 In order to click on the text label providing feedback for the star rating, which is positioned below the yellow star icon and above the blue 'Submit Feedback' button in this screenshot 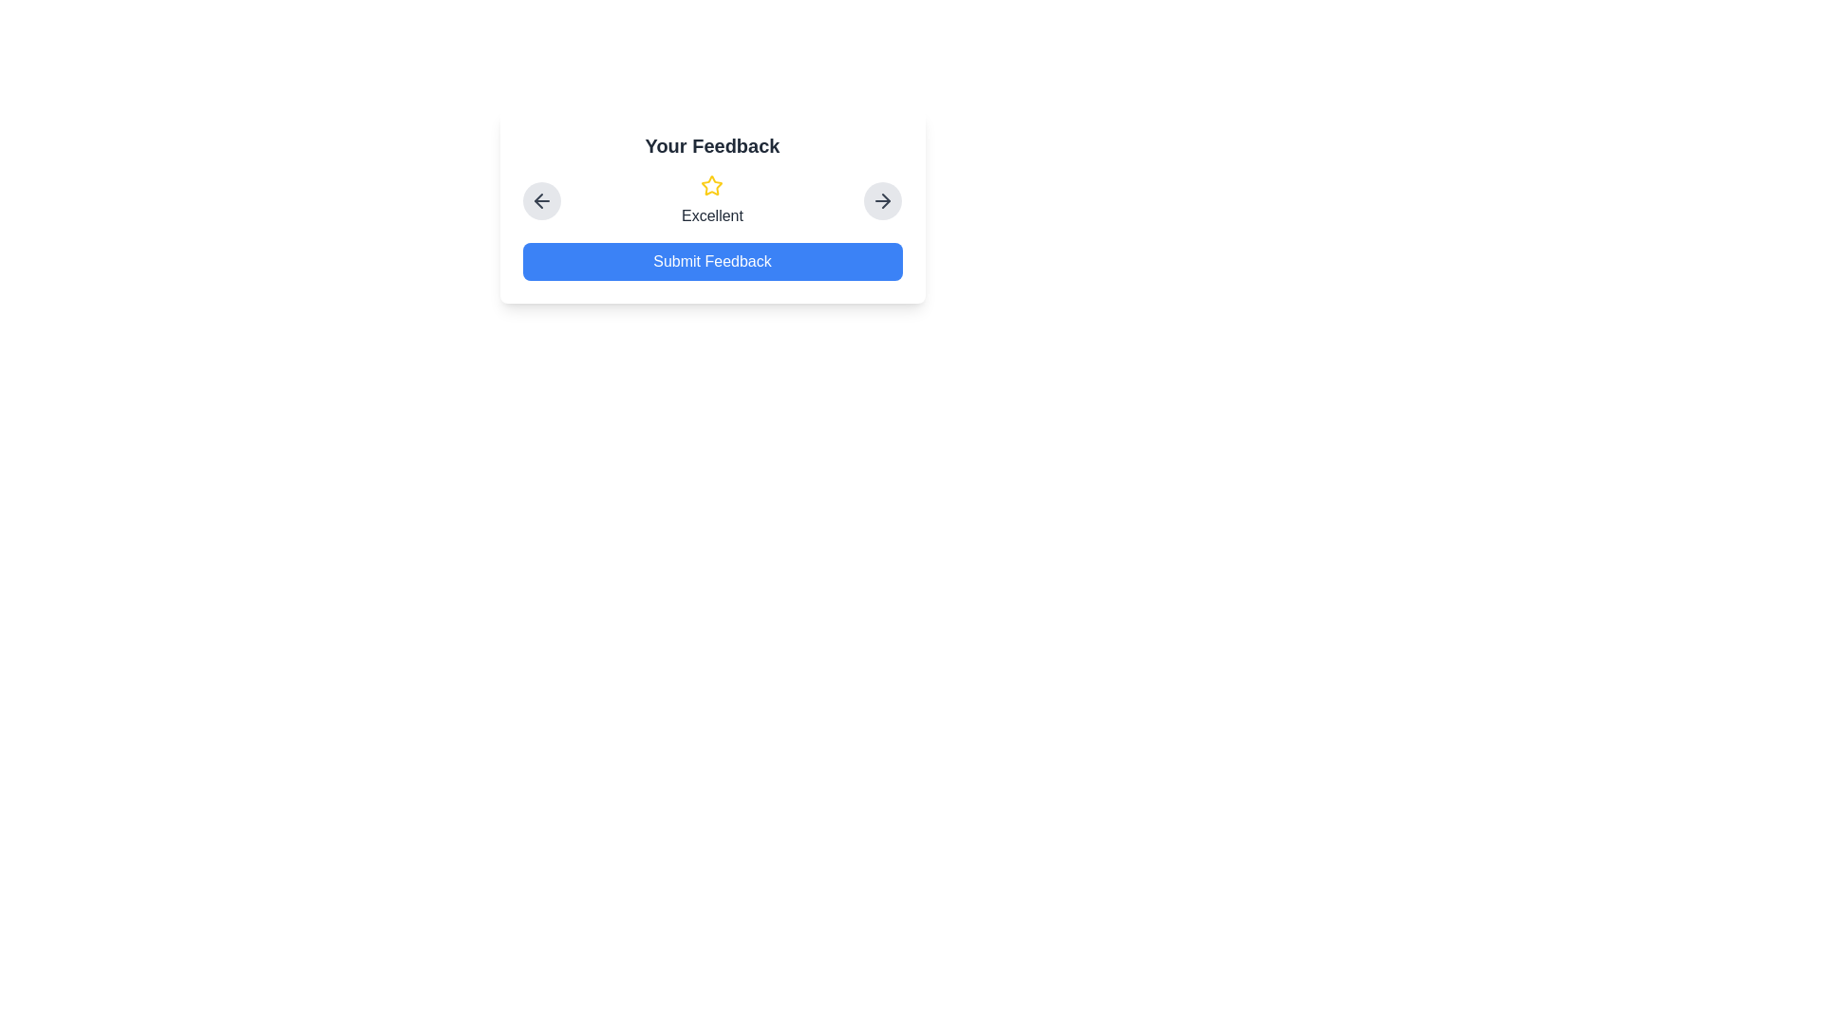, I will do `click(711, 214)`.